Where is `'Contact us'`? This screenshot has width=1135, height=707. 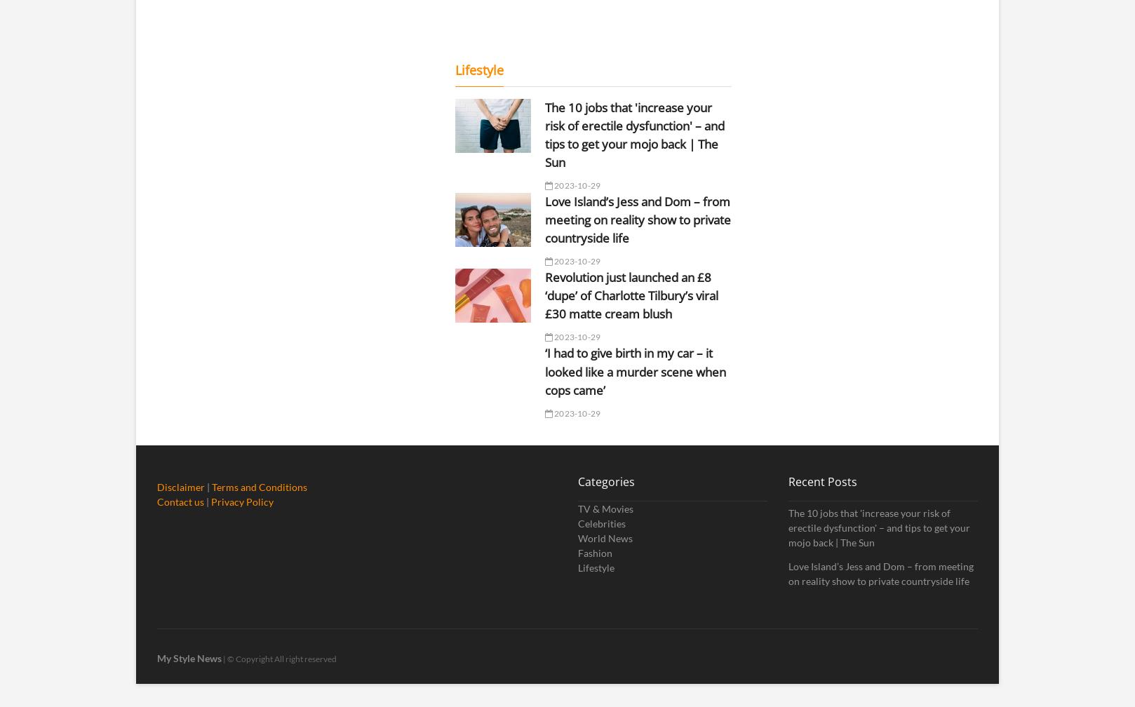
'Contact us' is located at coordinates (180, 501).